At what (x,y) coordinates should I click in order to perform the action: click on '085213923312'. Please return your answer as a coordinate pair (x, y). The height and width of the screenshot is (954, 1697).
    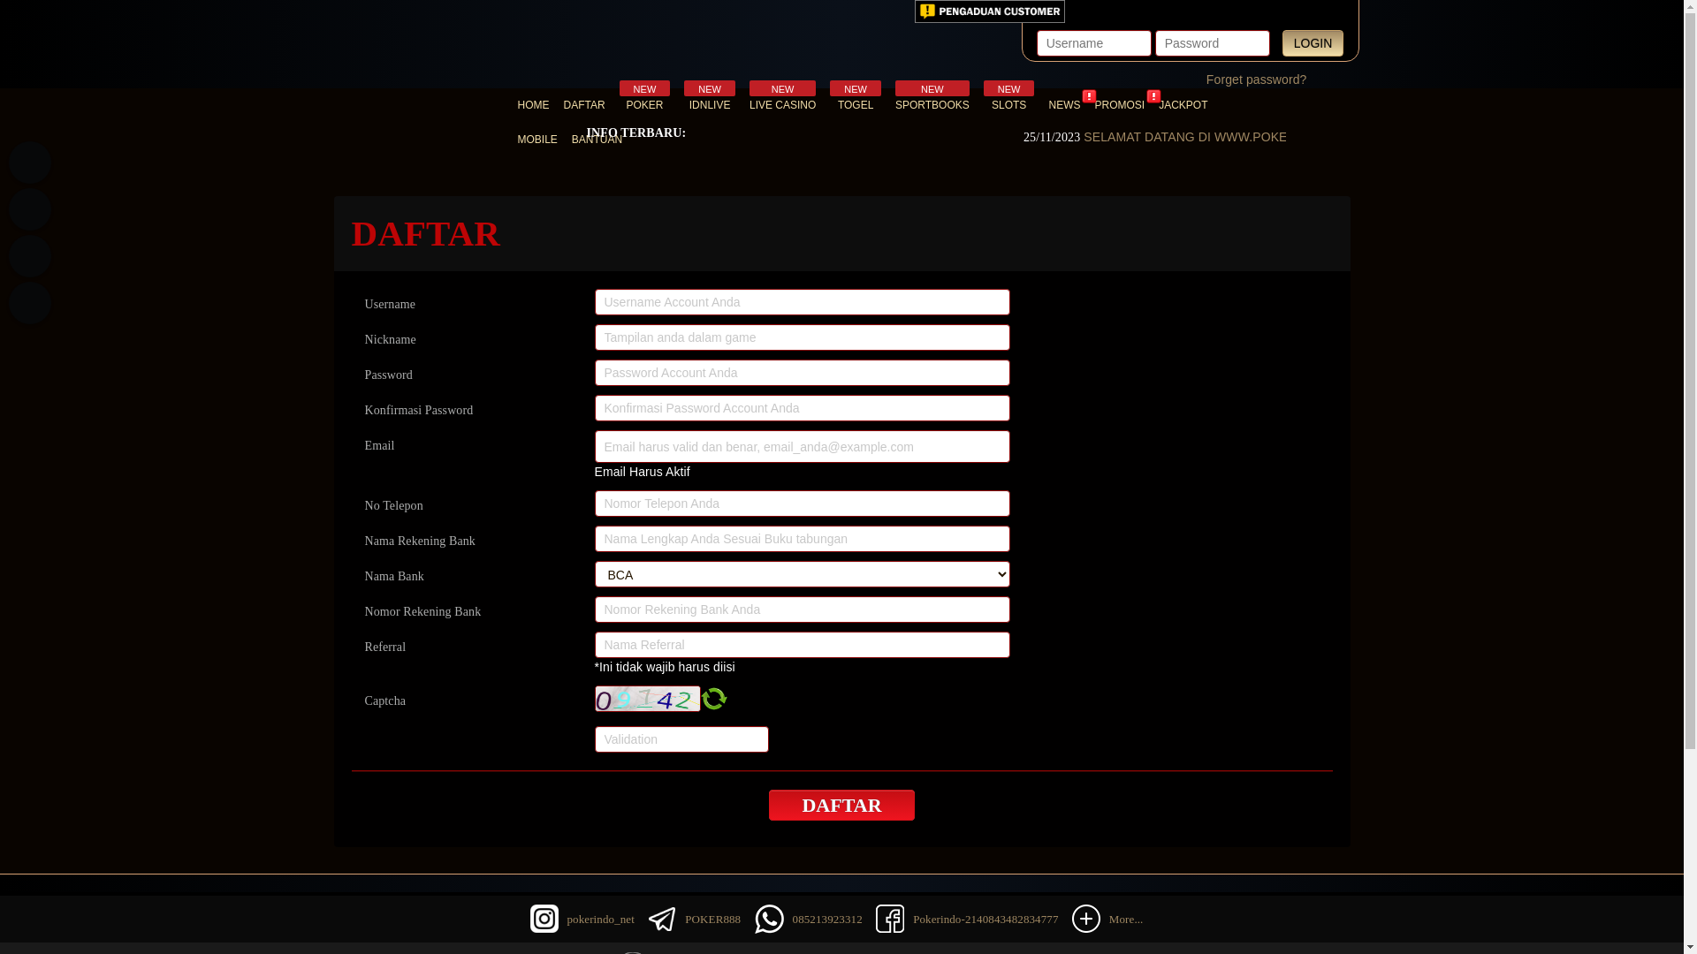
    Looking at the image, I should click on (792, 918).